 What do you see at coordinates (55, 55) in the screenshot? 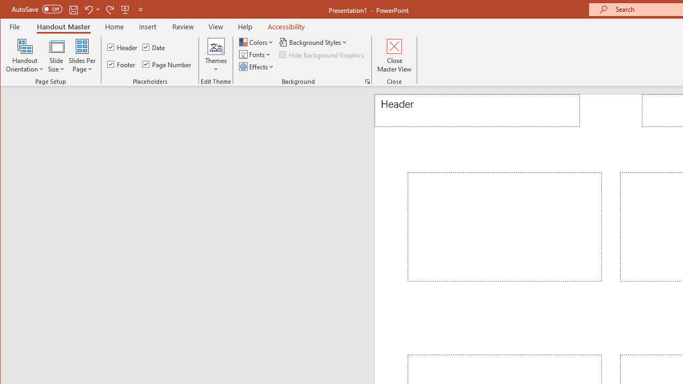
I see `'Slide Size'` at bounding box center [55, 55].